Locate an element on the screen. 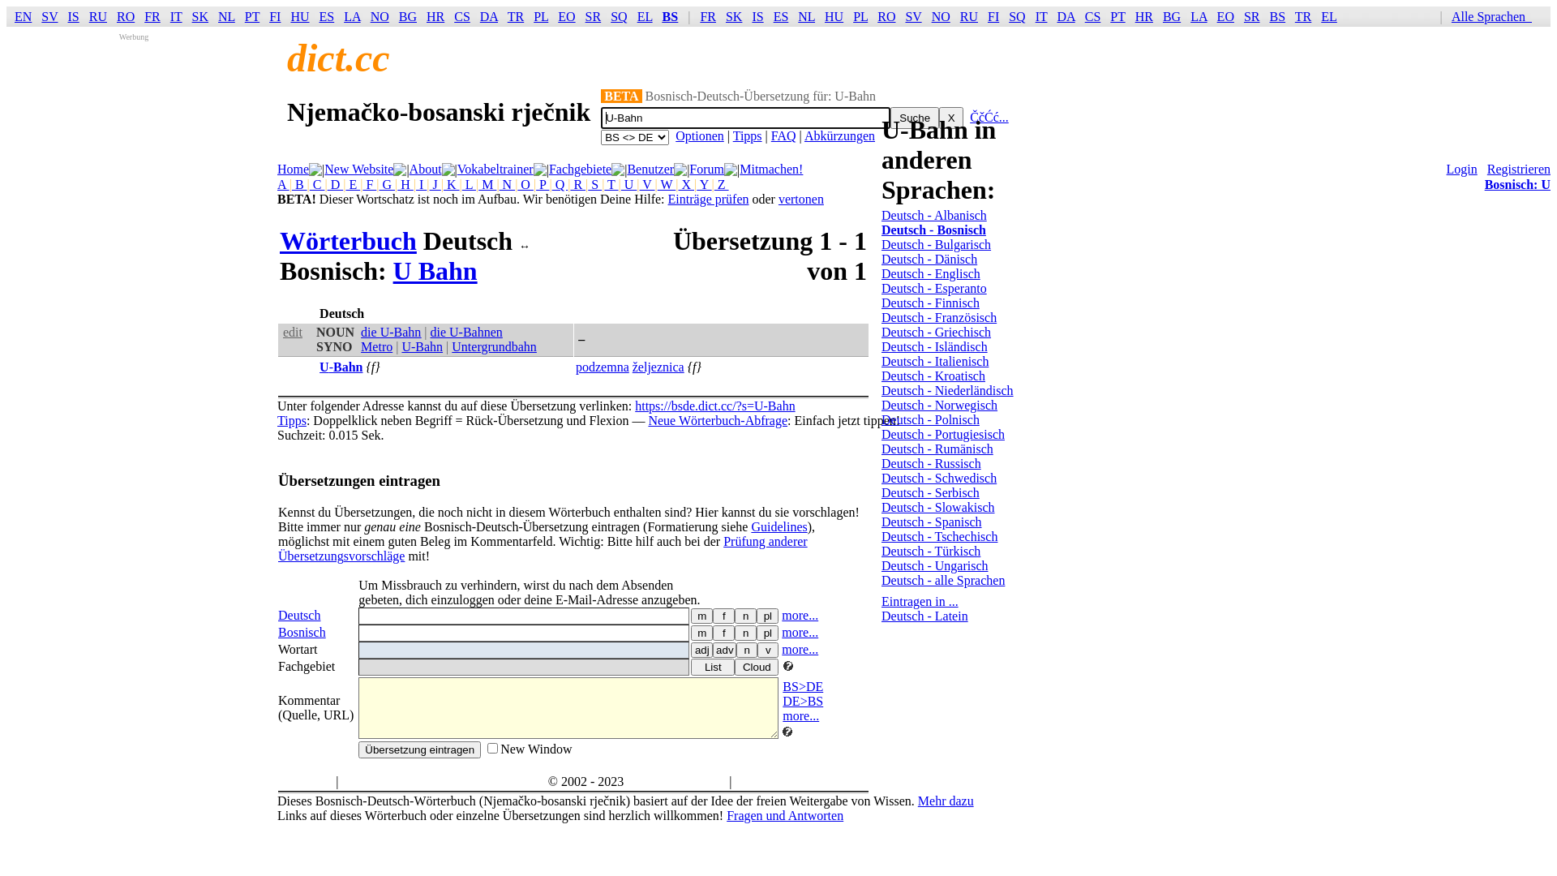  'BS' is located at coordinates (670, 16).